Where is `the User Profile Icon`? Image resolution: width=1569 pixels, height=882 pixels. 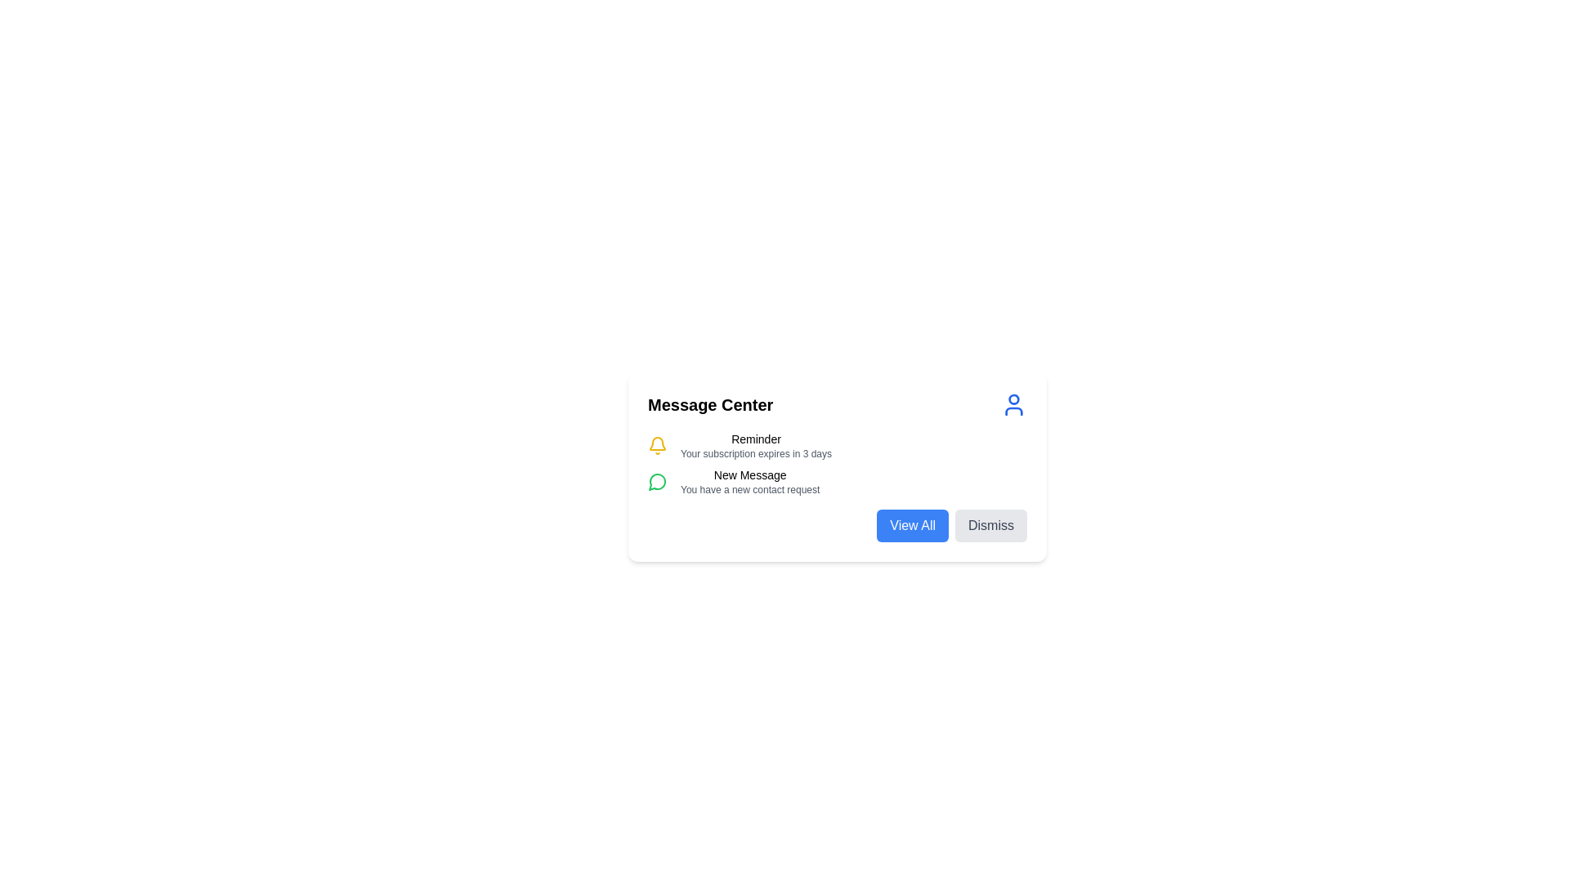
the User Profile Icon is located at coordinates (1013, 404).